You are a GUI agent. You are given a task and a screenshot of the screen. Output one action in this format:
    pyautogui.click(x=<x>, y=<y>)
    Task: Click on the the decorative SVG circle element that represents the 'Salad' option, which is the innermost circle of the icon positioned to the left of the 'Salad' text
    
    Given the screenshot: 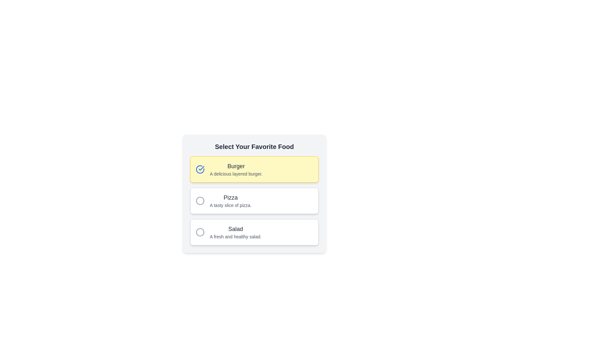 What is the action you would take?
    pyautogui.click(x=200, y=232)
    